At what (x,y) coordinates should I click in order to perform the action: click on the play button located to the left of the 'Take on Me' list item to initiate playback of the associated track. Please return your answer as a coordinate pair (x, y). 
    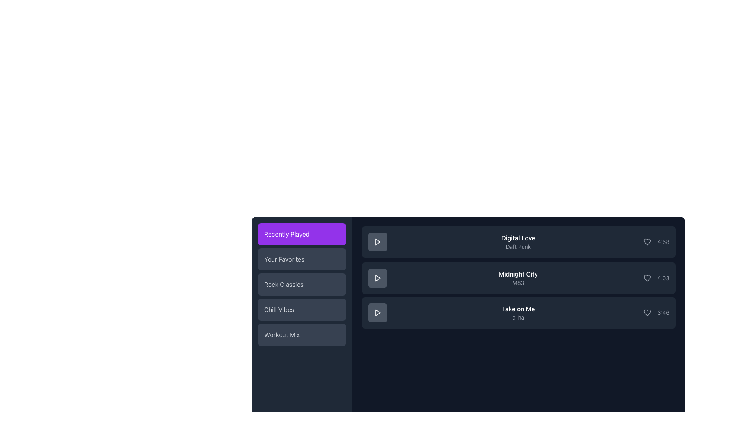
    Looking at the image, I should click on (377, 312).